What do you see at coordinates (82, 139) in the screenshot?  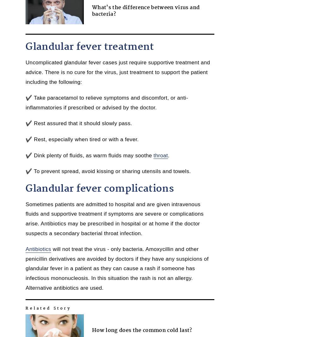 I see `'✔️ Rest, especially when tired or with a fever.'` at bounding box center [82, 139].